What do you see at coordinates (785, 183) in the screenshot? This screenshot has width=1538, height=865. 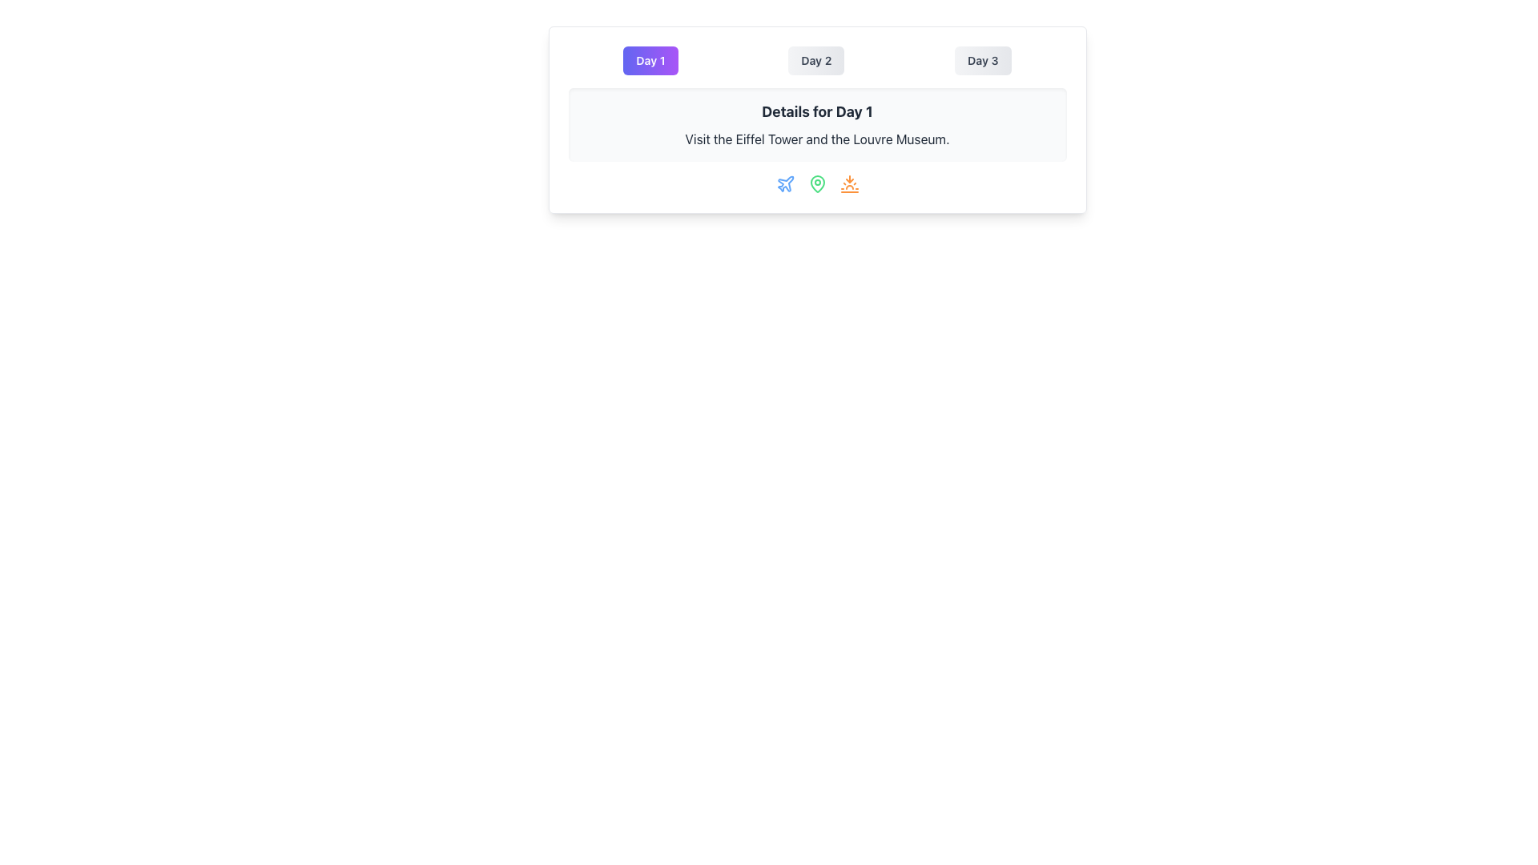 I see `the airplane icon located in the center bottom section of the travel itinerary card` at bounding box center [785, 183].